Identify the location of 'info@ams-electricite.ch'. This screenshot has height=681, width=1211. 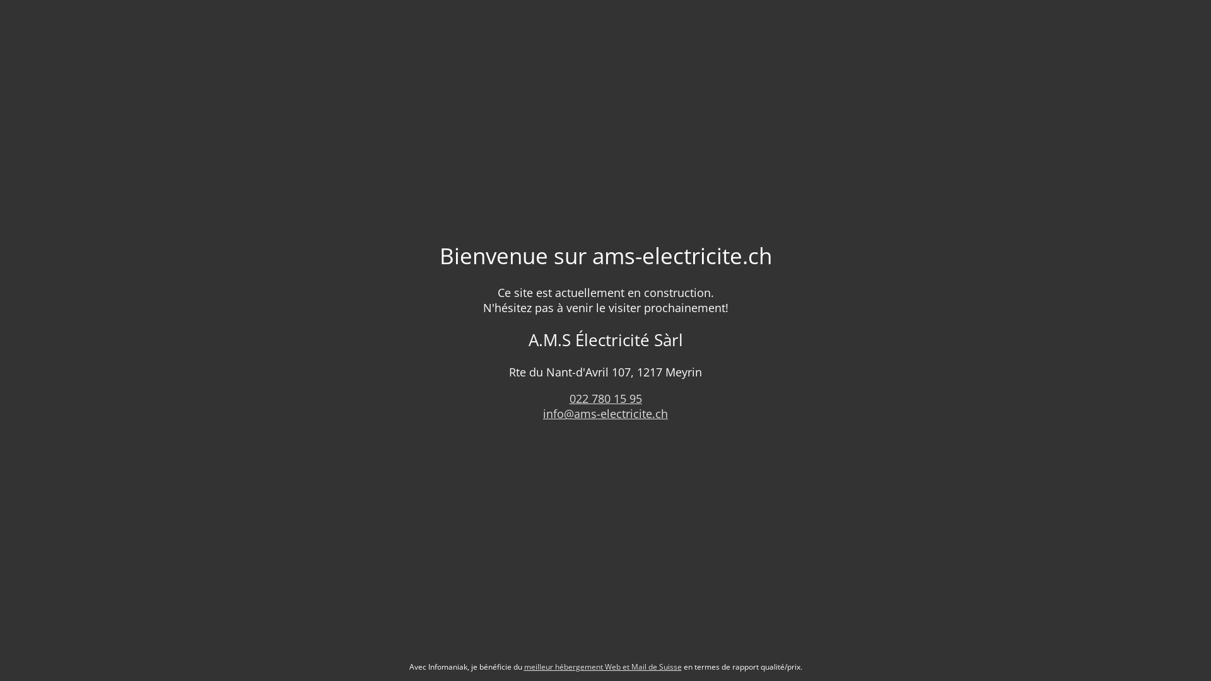
(605, 413).